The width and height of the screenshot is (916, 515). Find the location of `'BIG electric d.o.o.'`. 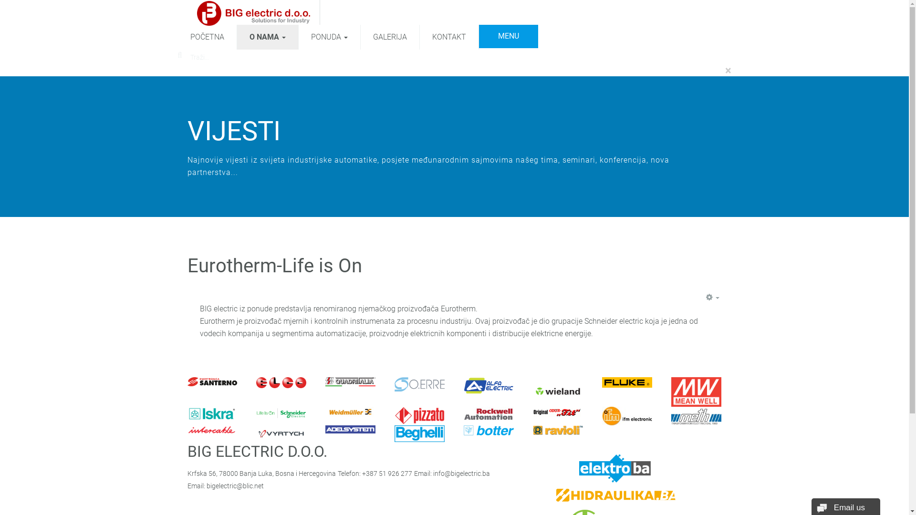

'BIG electric d.o.o.' is located at coordinates (253, 12).